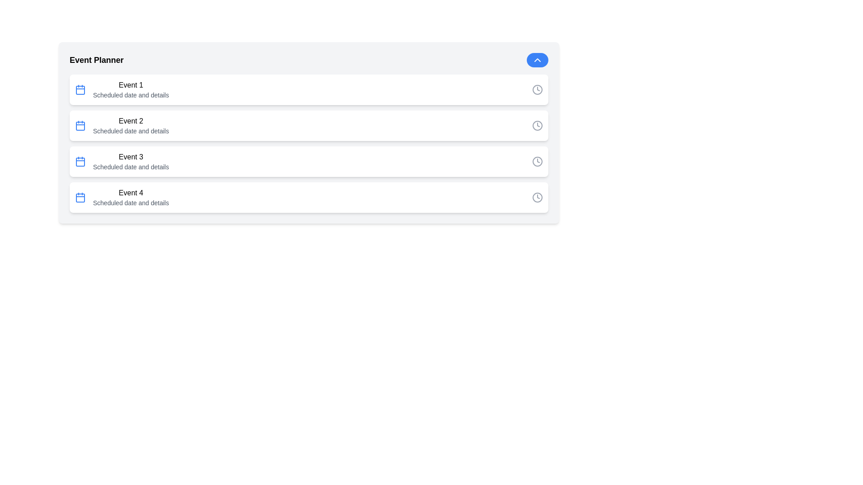 This screenshot has width=863, height=485. What do you see at coordinates (130, 126) in the screenshot?
I see `text from the informative section about 'Event 2', which is located in the second card of a vertically stacked list of cards` at bounding box center [130, 126].